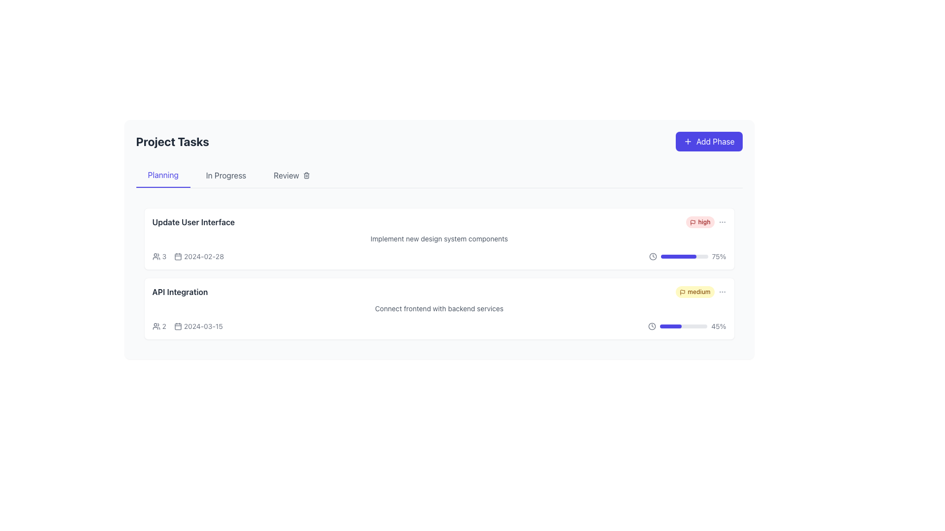 The image size is (945, 531). What do you see at coordinates (722, 222) in the screenshot?
I see `the button or trigger icon located within the 'Update User Interface' task card, to the right of the red 'high' priority label` at bounding box center [722, 222].